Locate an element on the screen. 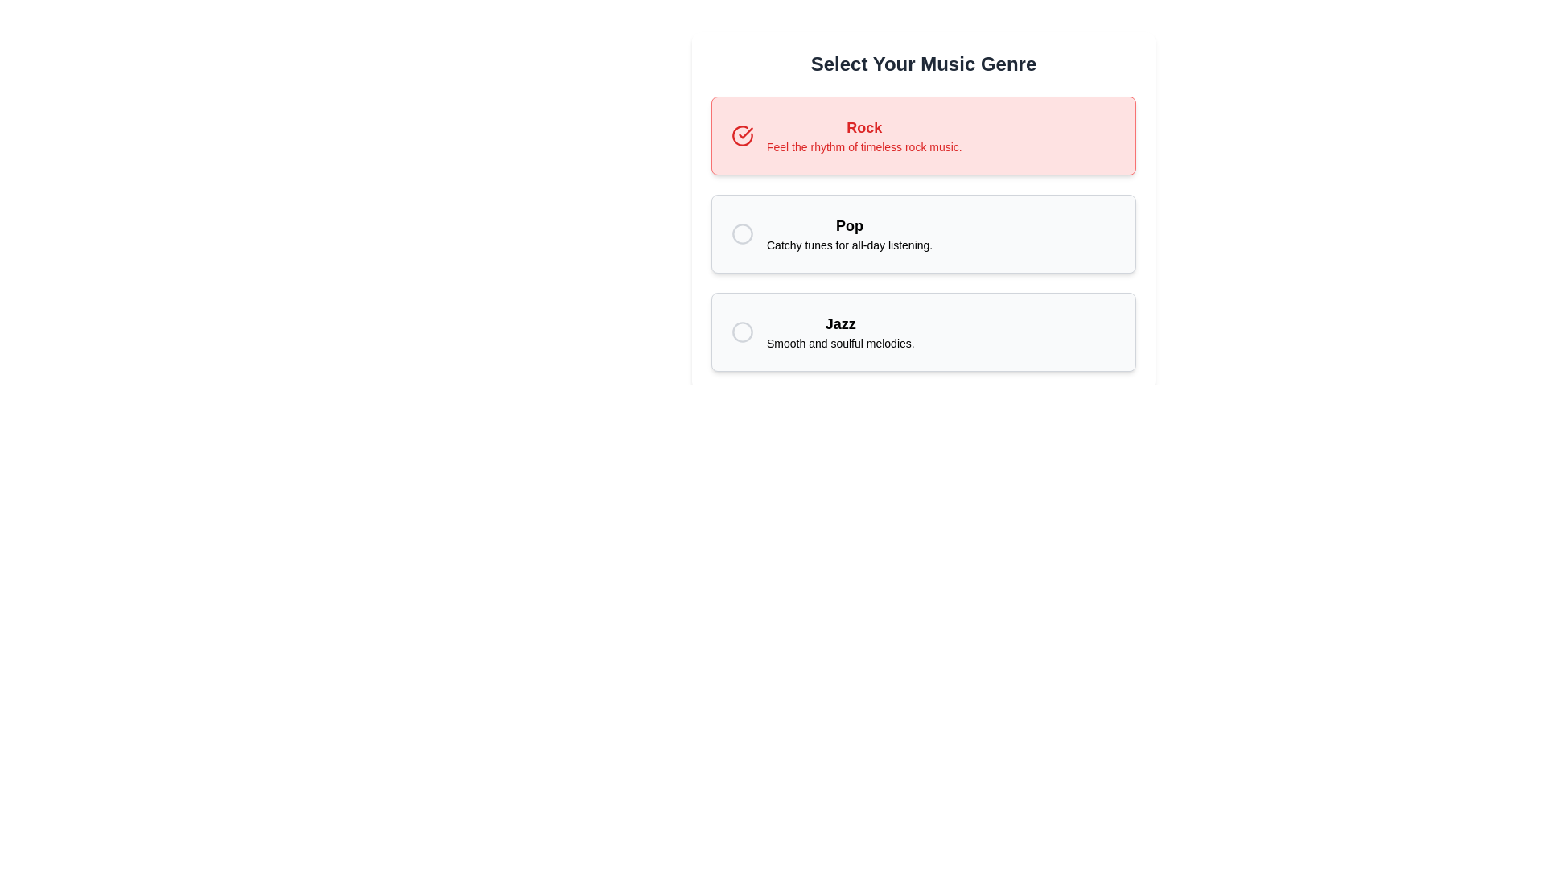 This screenshot has height=869, width=1545. the state of the 'Rock' genre icon located in the highlighted card titled 'Rock' to gather information about its selection status is located at coordinates (741, 135).